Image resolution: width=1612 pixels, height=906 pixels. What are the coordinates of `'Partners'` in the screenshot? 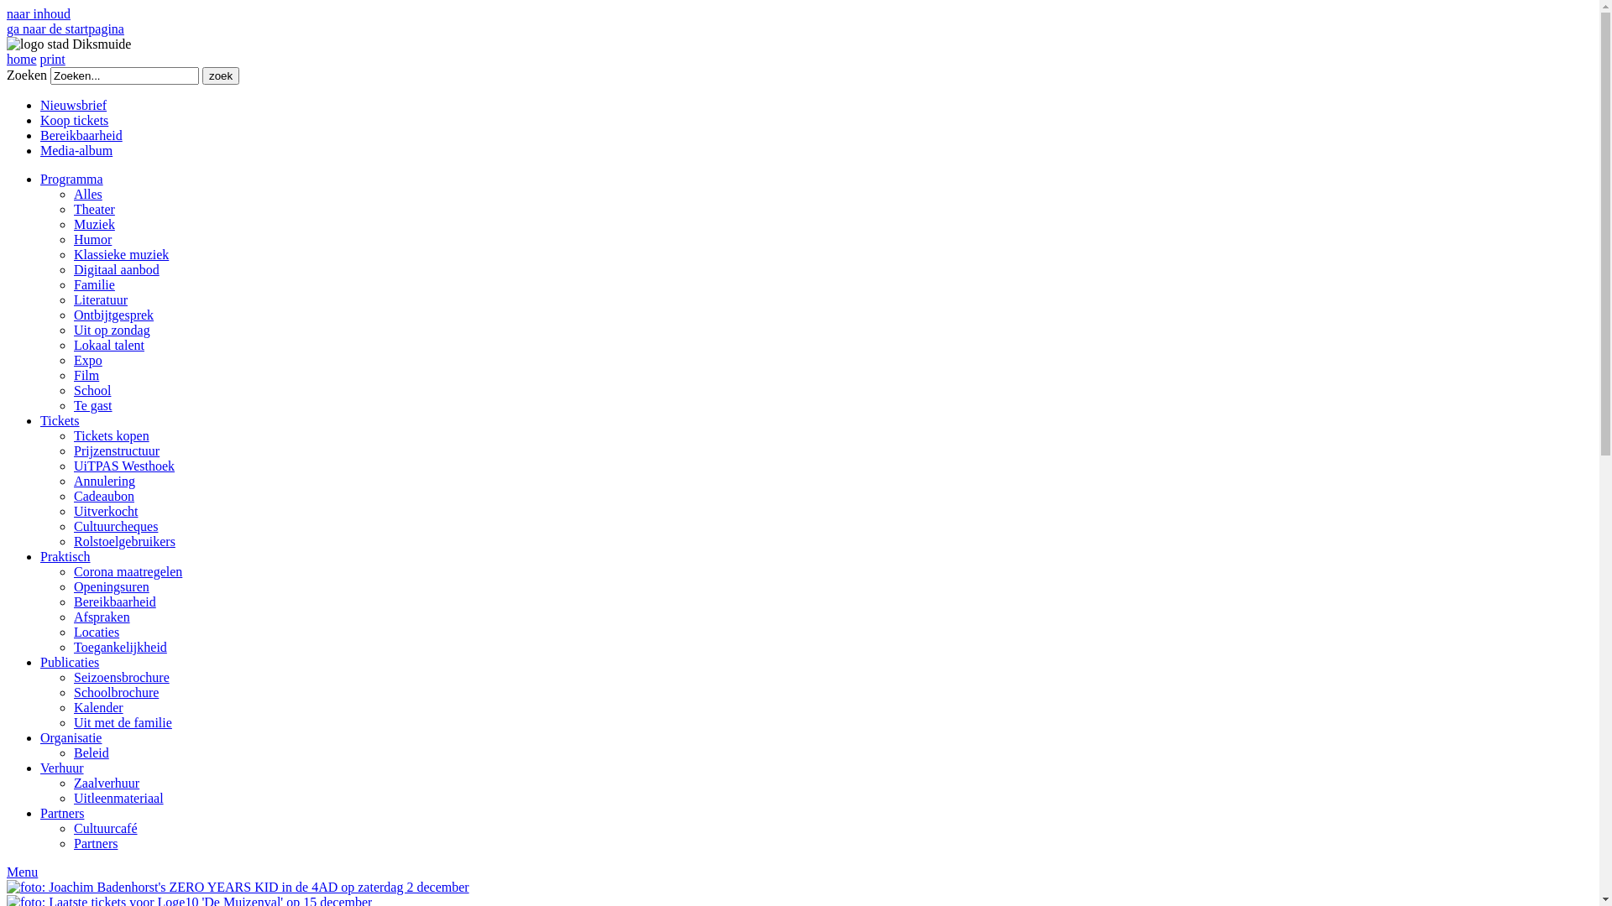 It's located at (72, 843).